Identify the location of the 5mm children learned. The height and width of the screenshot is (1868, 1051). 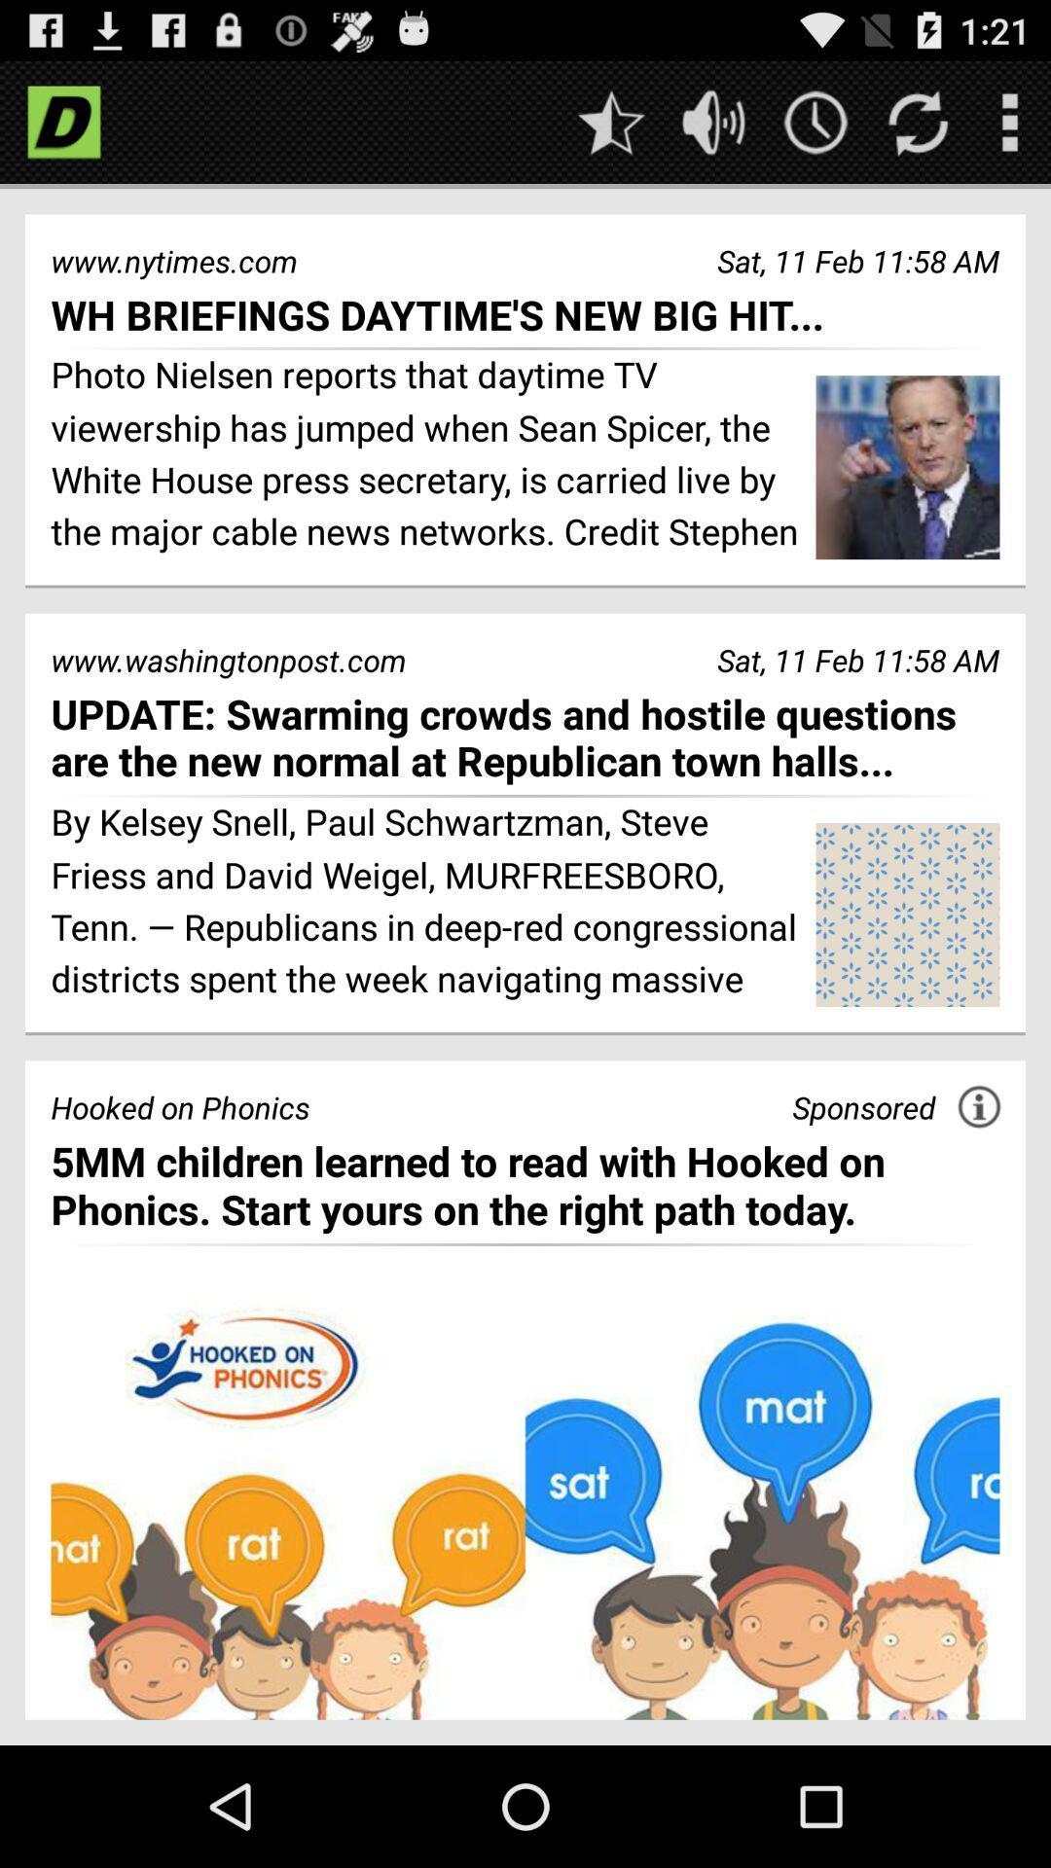
(525, 1184).